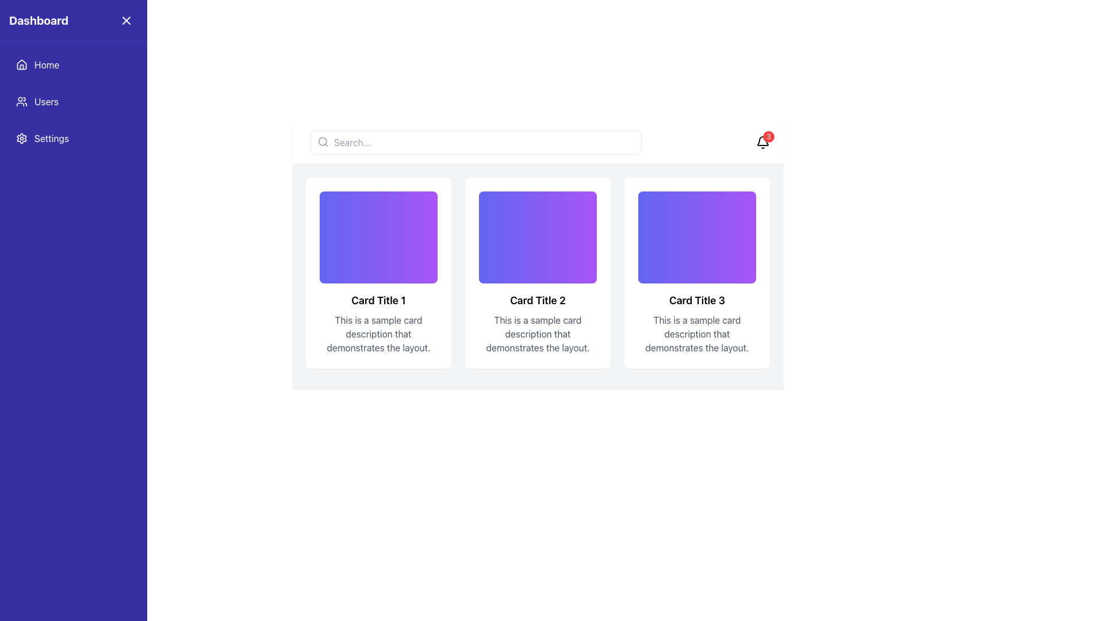  Describe the element at coordinates (22, 64) in the screenshot. I see `the 'Home' icon in the sidebar navigation menu, which is positioned to the far left of the 'Home' text label` at that location.